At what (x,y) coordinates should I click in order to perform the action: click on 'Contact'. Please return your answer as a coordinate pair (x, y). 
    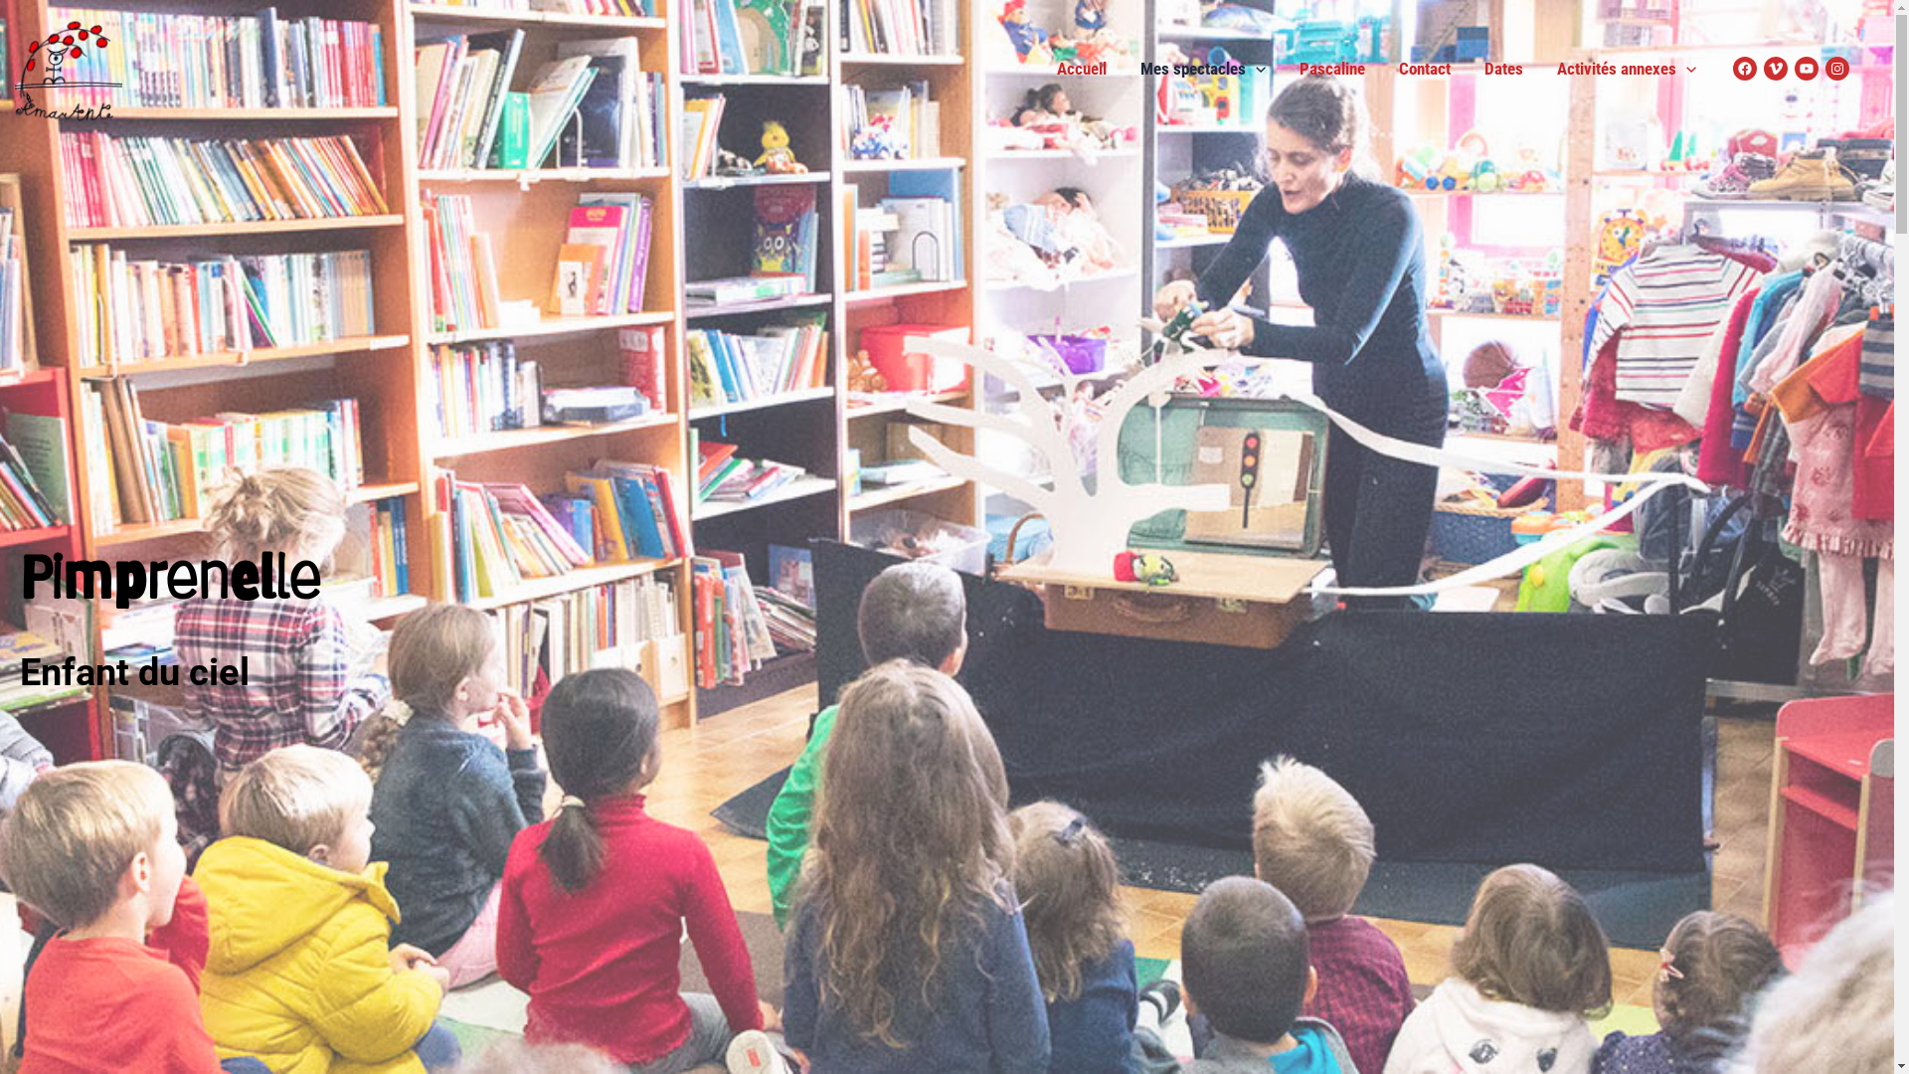
    Looking at the image, I should click on (1424, 68).